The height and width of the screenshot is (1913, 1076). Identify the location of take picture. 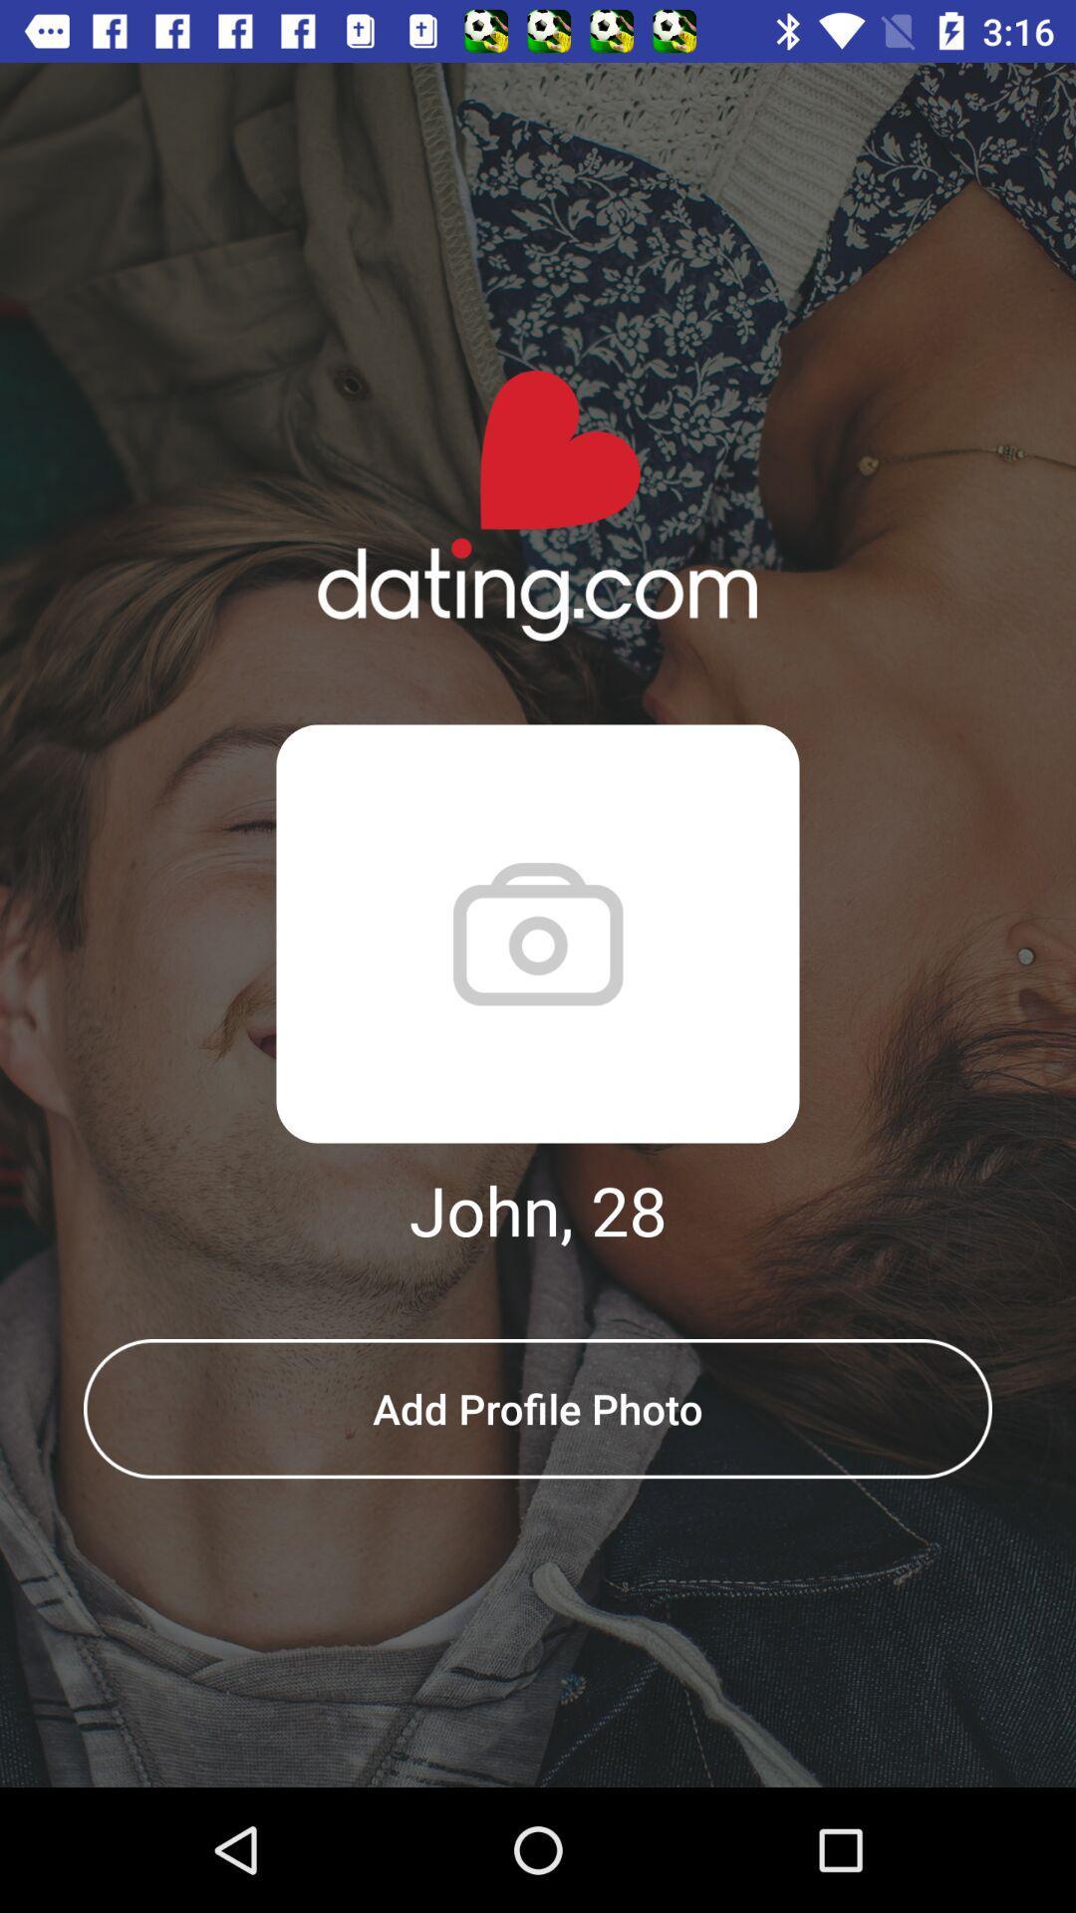
(538, 933).